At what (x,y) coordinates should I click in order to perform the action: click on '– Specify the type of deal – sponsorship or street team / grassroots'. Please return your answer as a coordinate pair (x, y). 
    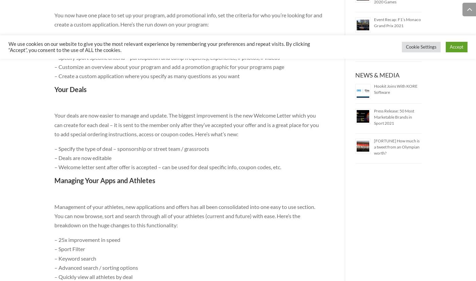
    Looking at the image, I should click on (132, 148).